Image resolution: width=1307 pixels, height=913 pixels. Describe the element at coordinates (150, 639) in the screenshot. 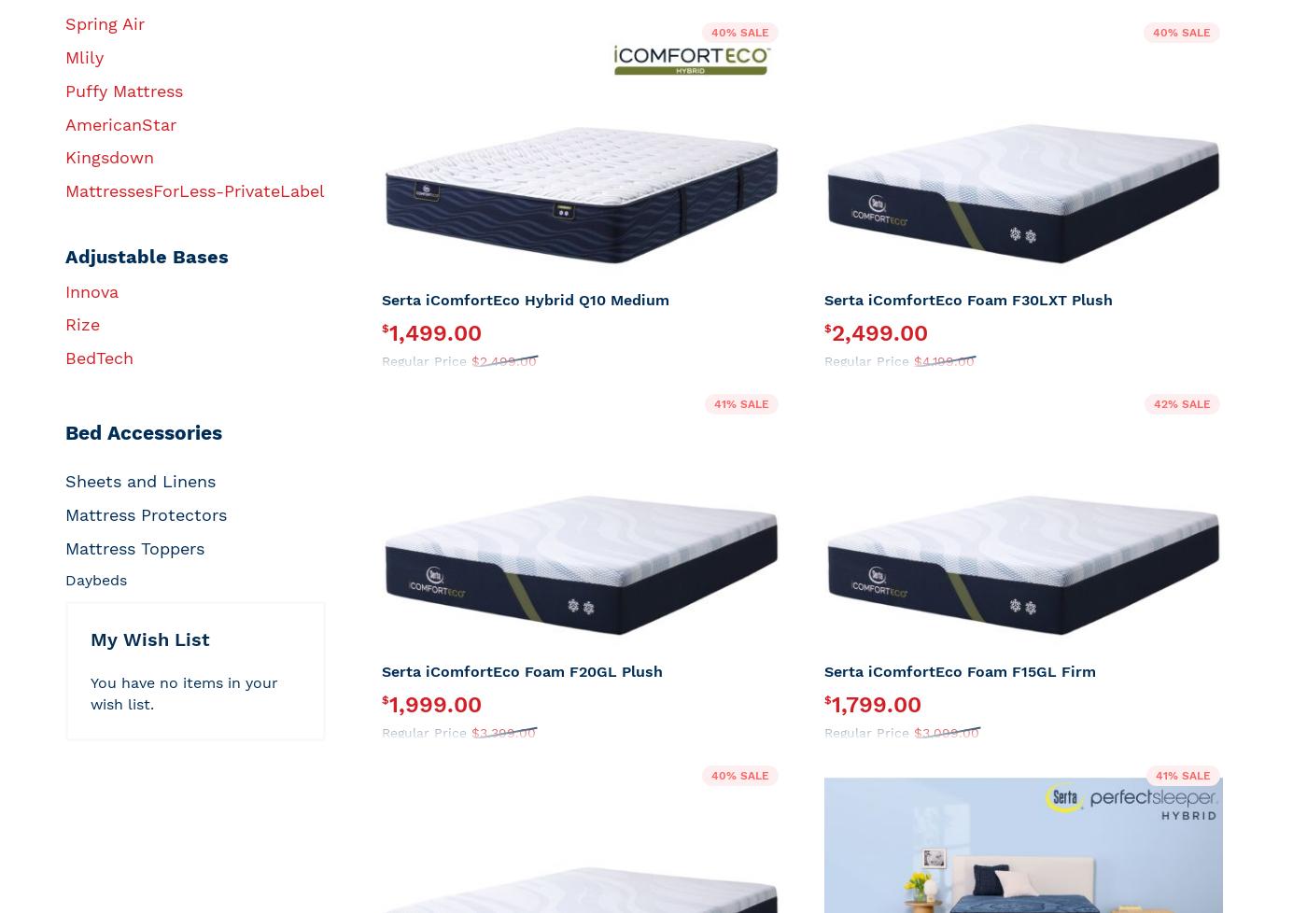

I see `'My Wish List'` at that location.